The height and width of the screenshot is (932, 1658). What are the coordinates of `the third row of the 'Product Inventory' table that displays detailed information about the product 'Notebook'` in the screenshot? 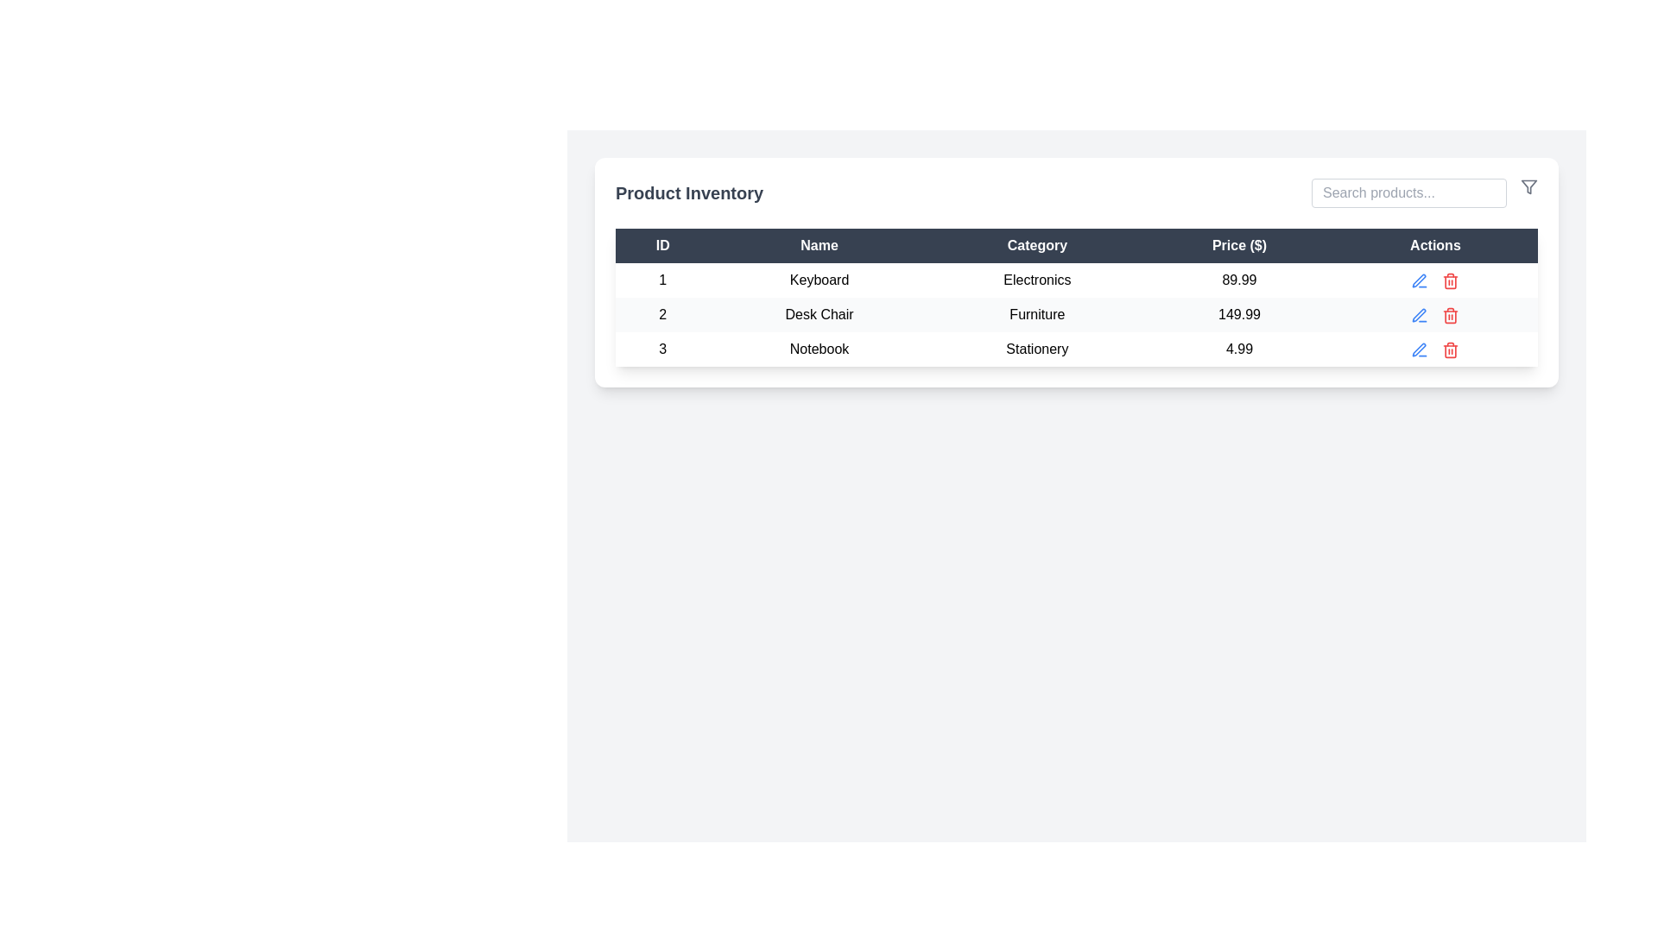 It's located at (1076, 349).